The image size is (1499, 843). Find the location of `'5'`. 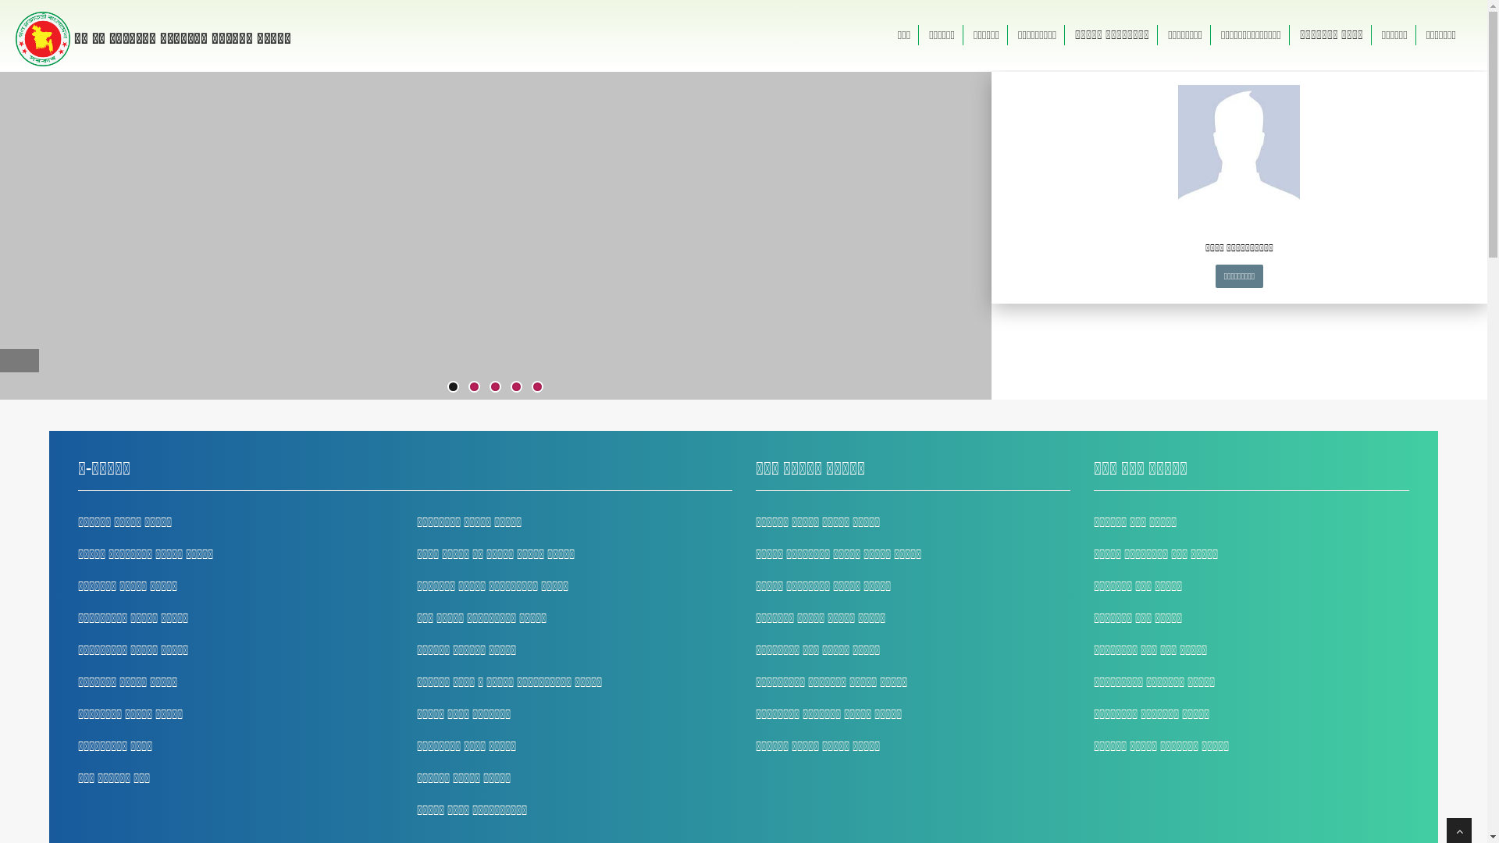

'5' is located at coordinates (537, 386).